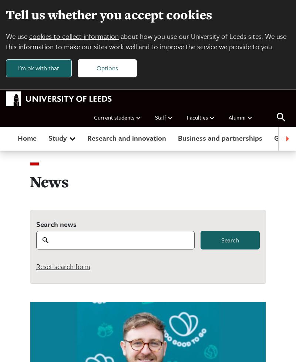 This screenshot has height=362, width=296. What do you see at coordinates (230, 239) in the screenshot?
I see `'Search'` at bounding box center [230, 239].